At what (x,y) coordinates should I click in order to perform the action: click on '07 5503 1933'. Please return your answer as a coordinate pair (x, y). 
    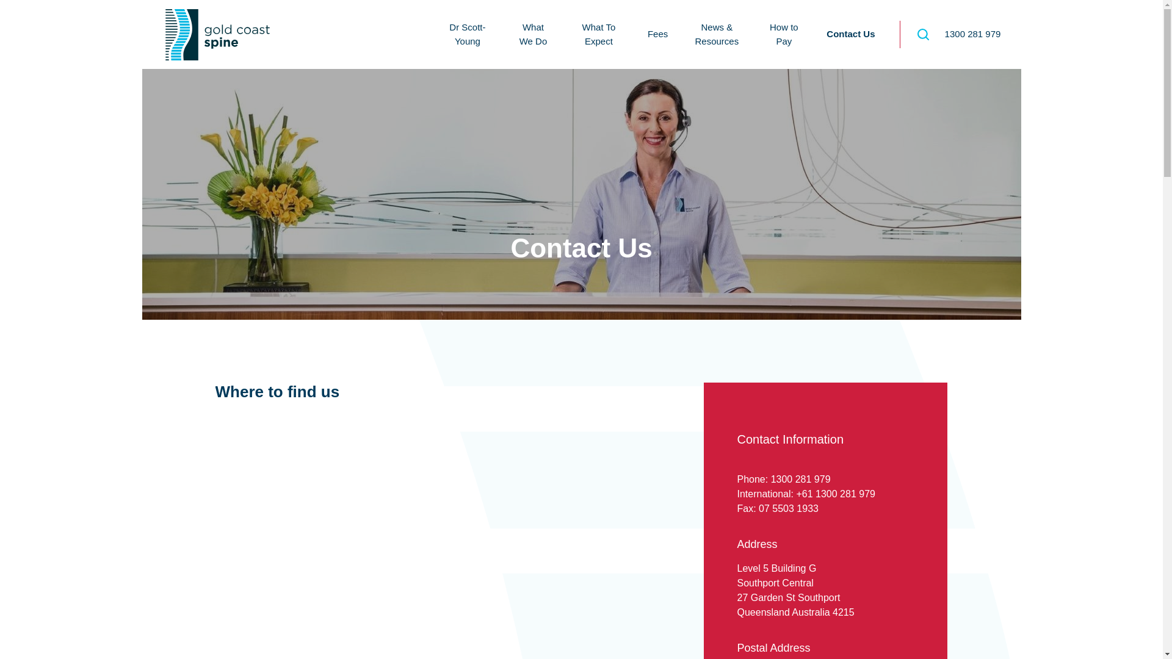
    Looking at the image, I should click on (788, 508).